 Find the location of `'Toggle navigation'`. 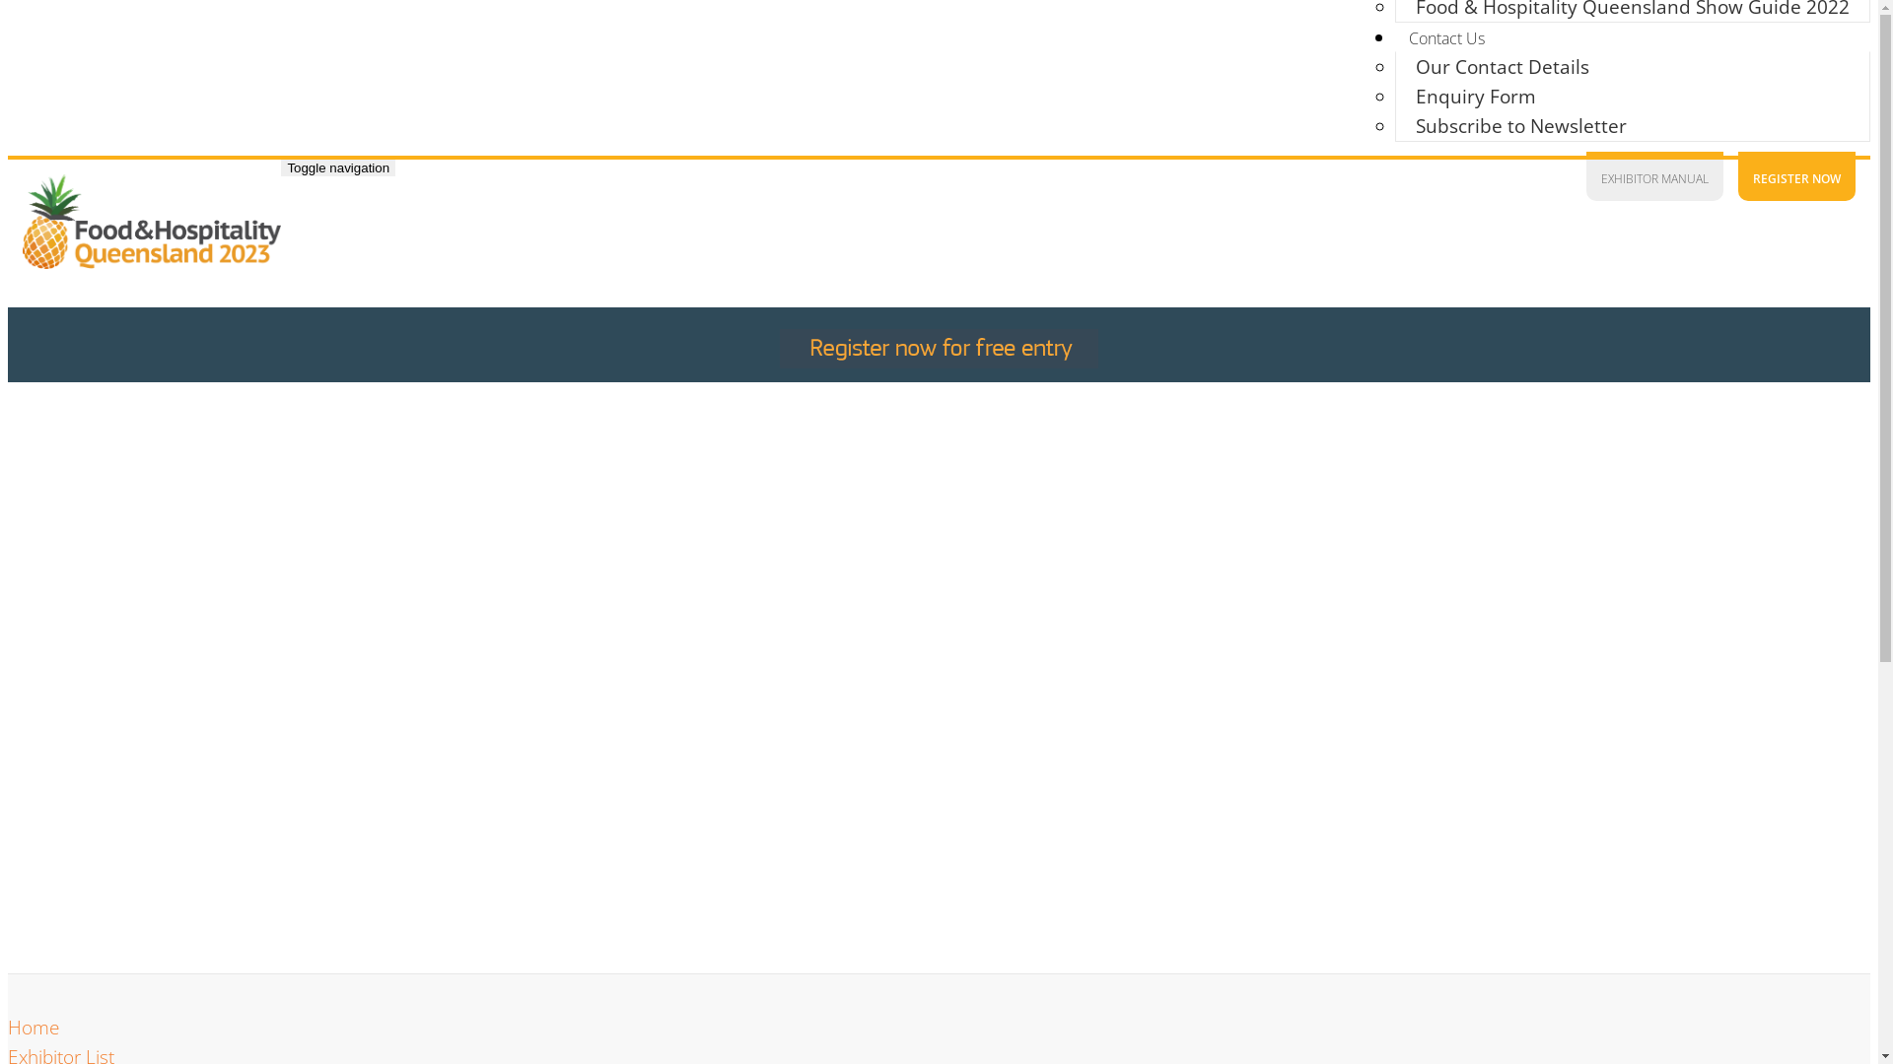

'Toggle navigation' is located at coordinates (337, 166).